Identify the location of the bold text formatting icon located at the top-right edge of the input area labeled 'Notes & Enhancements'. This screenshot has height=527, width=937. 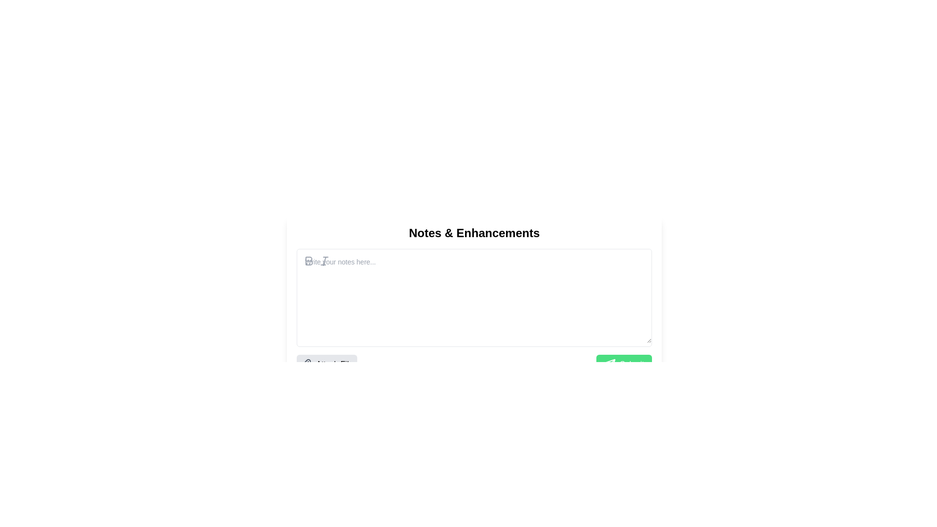
(308, 261).